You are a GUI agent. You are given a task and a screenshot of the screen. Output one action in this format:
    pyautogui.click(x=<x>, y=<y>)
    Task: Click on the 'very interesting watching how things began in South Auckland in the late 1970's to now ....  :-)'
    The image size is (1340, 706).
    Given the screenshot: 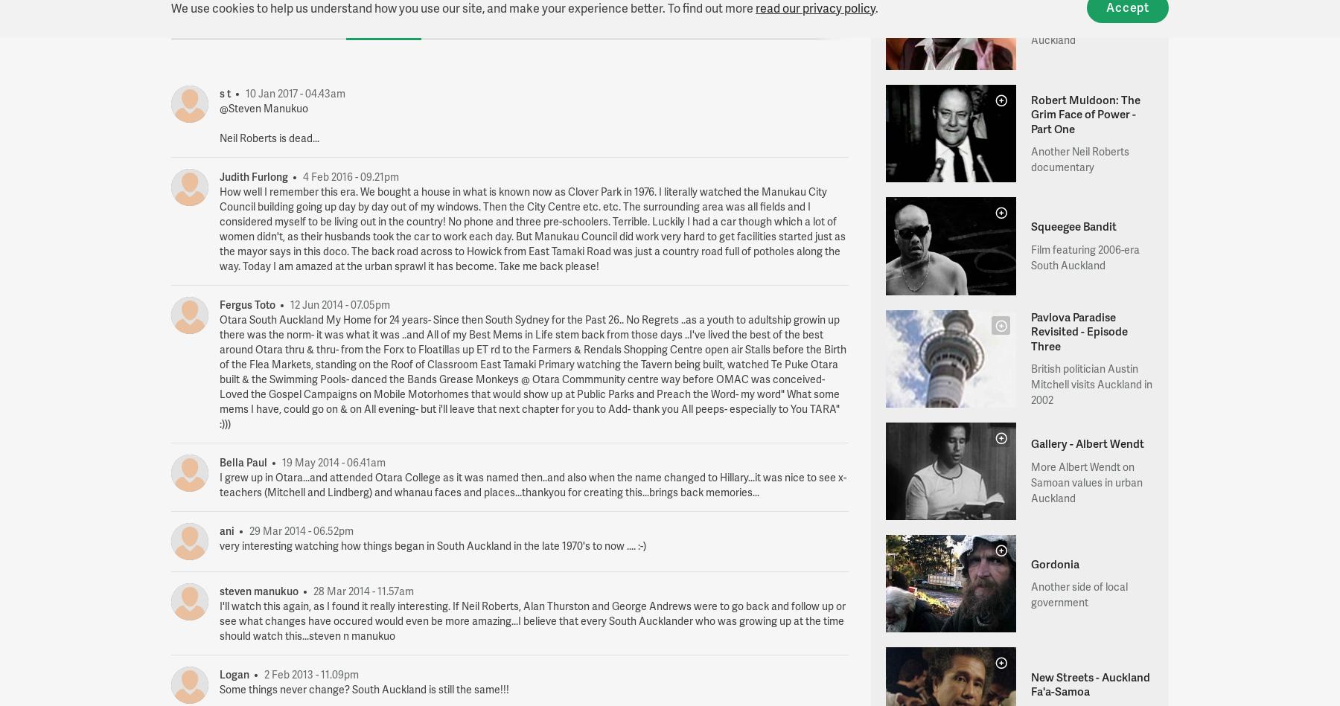 What is the action you would take?
    pyautogui.click(x=433, y=545)
    